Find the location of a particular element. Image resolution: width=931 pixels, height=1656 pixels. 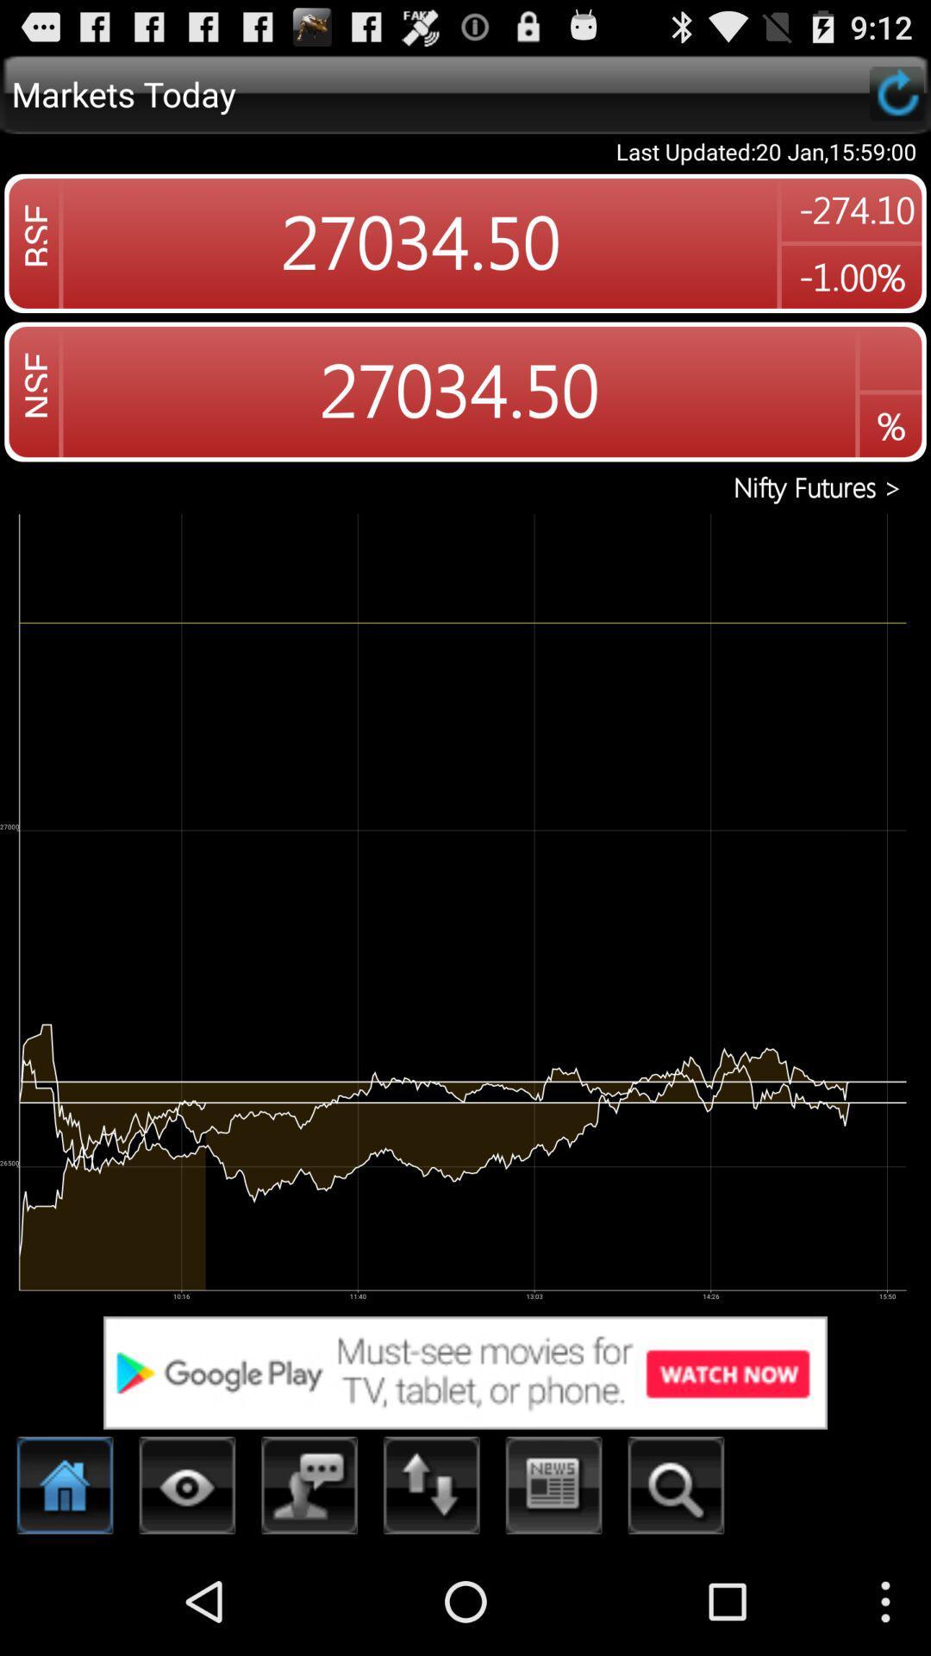

go home is located at coordinates (65, 1490).